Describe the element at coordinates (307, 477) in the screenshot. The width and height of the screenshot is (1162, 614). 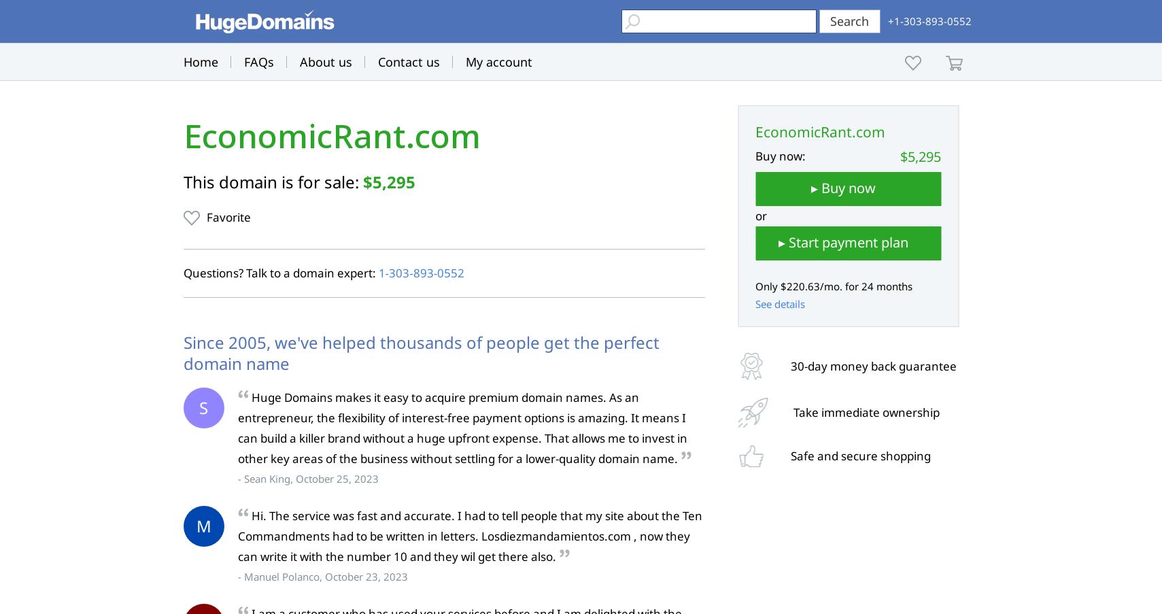
I see `'- Sean King, October 25, 2023'` at that location.